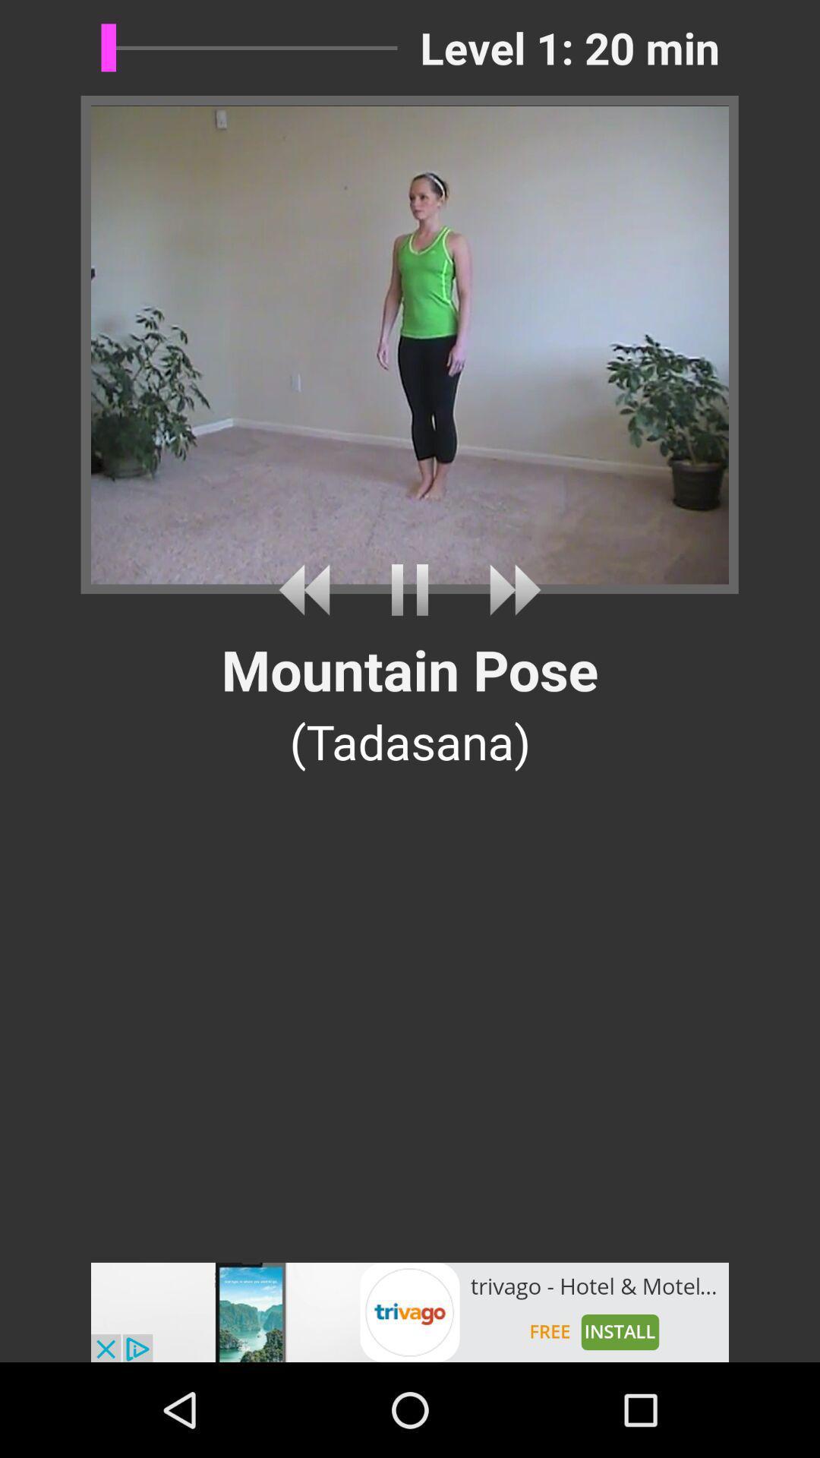  What do you see at coordinates (410, 589) in the screenshot?
I see `mountain pose game` at bounding box center [410, 589].